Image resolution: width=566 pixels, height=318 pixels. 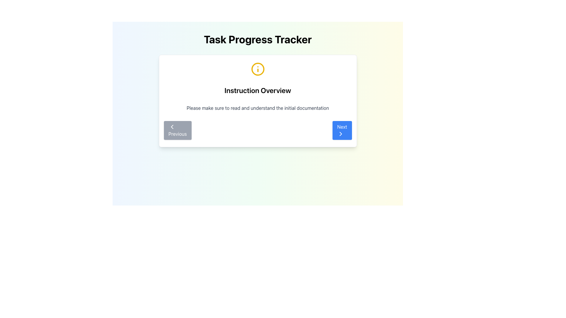 I want to click on the rightward-facing chevron icon that is part of the 'Next' button, which is adjacent to the button with the text 'Next', so click(x=340, y=134).